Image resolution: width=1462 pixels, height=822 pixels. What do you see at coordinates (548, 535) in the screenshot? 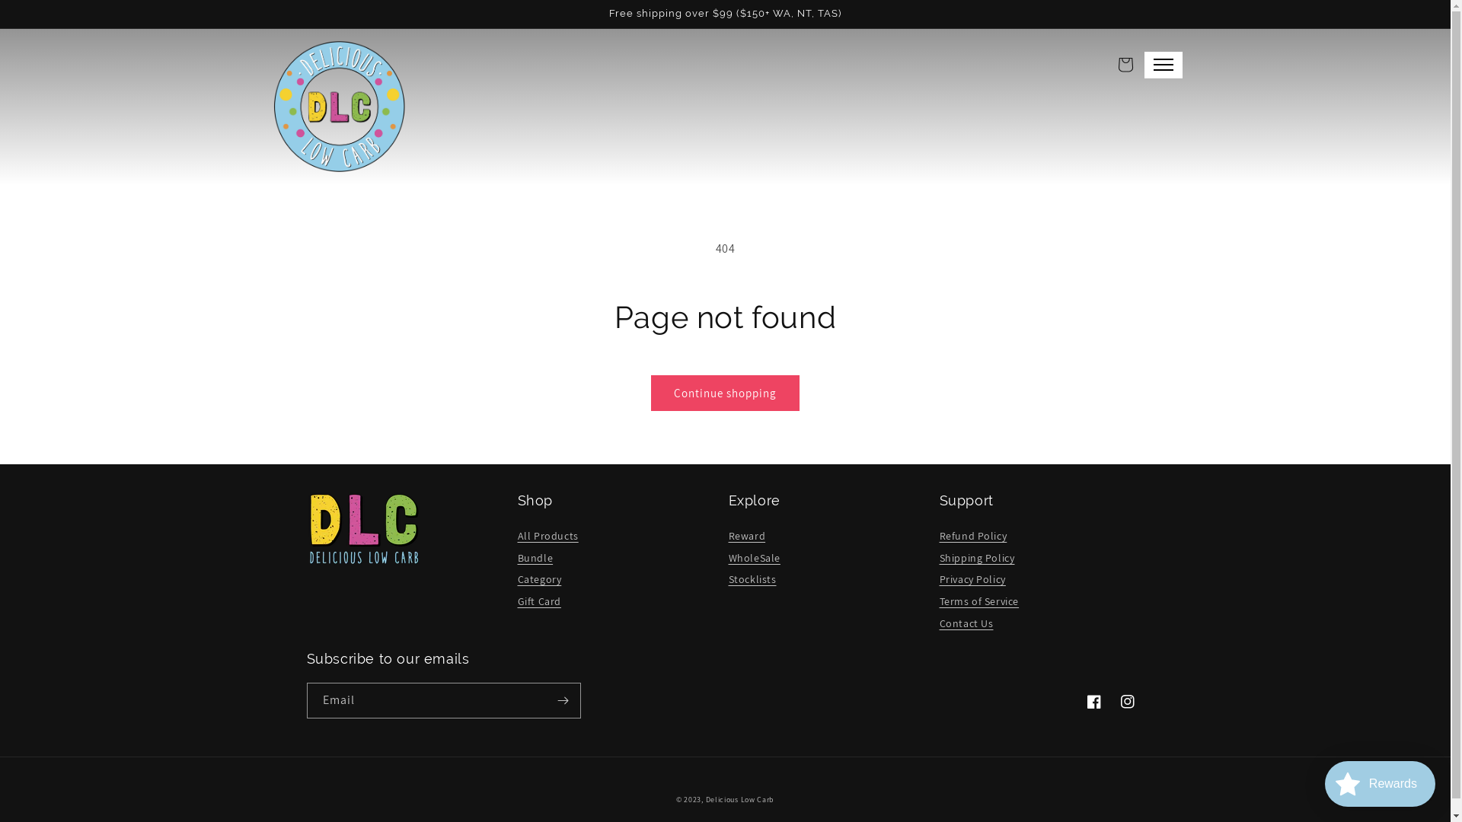
I see `'All Products'` at bounding box center [548, 535].